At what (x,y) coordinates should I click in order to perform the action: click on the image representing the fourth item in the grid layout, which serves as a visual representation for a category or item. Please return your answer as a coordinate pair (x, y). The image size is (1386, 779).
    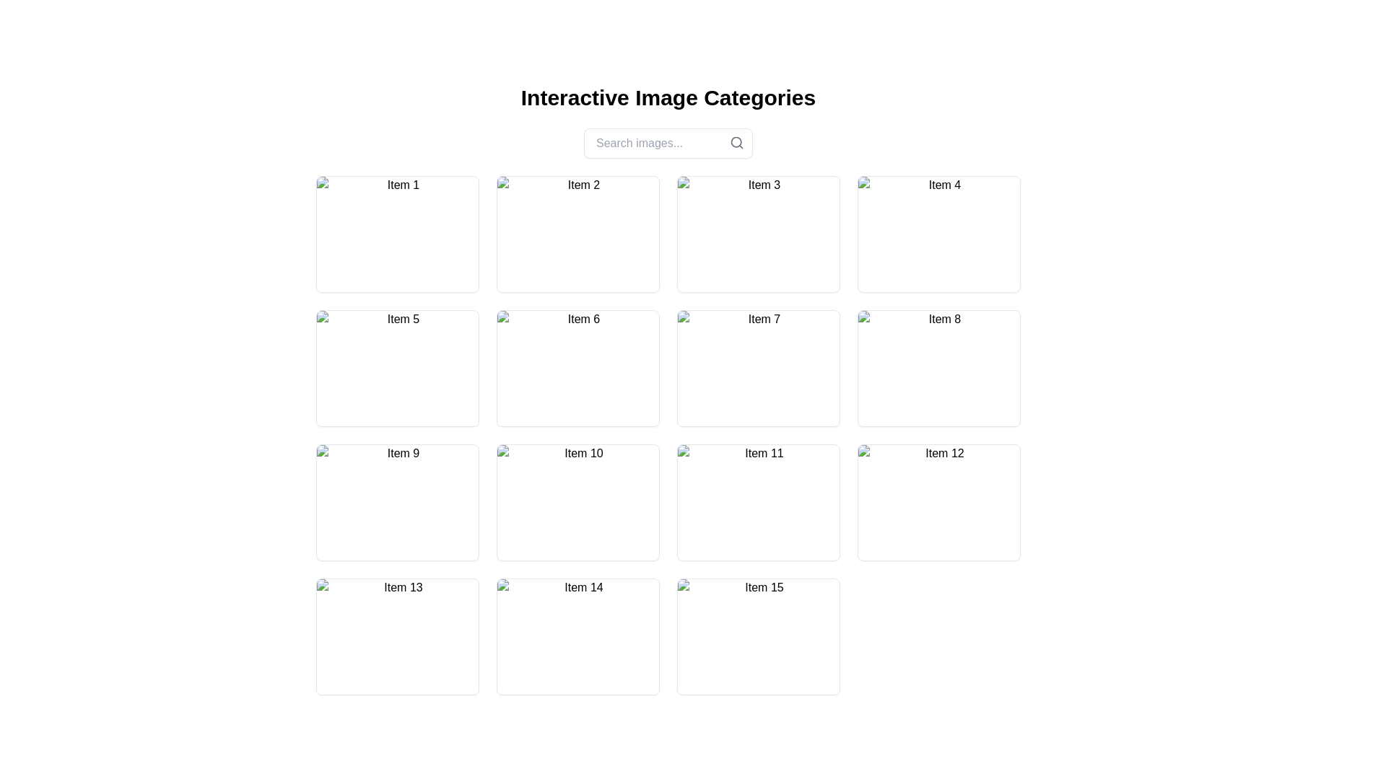
    Looking at the image, I should click on (938, 233).